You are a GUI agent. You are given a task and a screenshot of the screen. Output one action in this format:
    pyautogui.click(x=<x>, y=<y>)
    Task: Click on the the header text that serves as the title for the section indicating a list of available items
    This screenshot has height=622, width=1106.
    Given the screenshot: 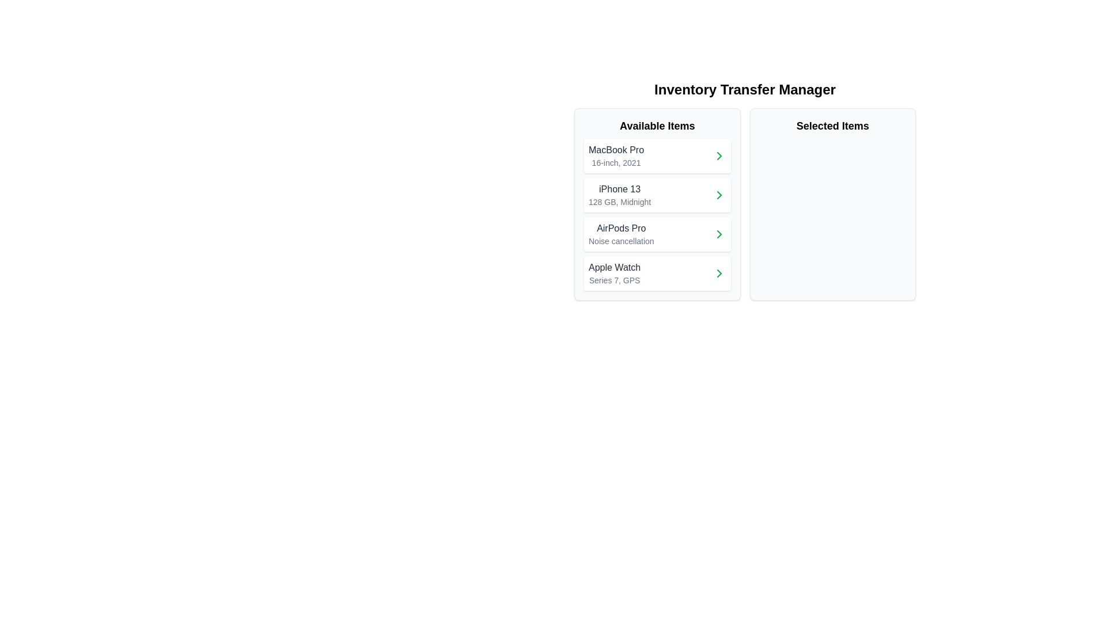 What is the action you would take?
    pyautogui.click(x=657, y=126)
    